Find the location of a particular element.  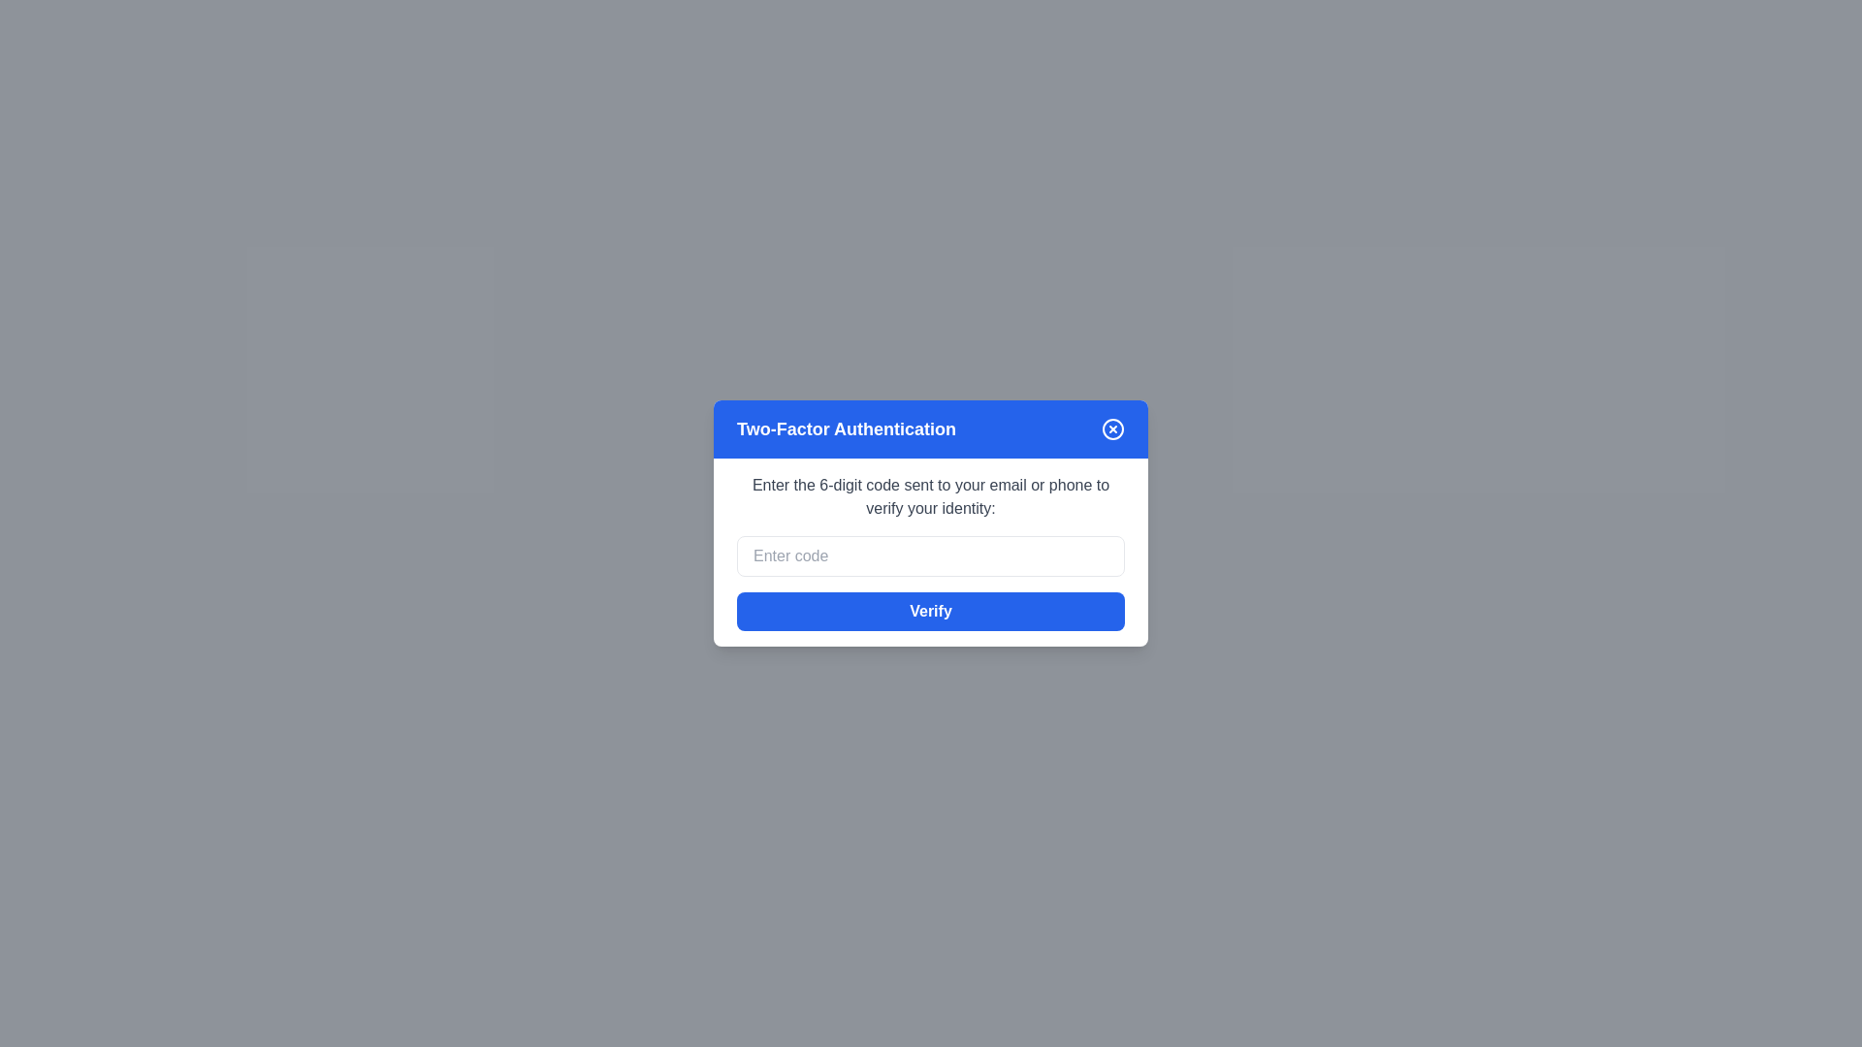

the center of the dialog's main container to focus it is located at coordinates (931, 523).